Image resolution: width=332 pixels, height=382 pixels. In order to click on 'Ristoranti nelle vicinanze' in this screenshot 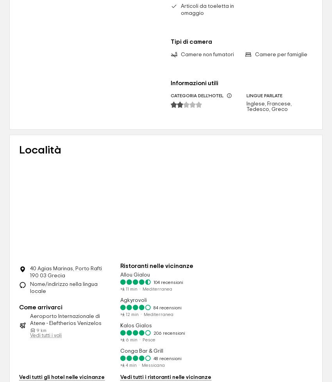, I will do `click(120, 266)`.